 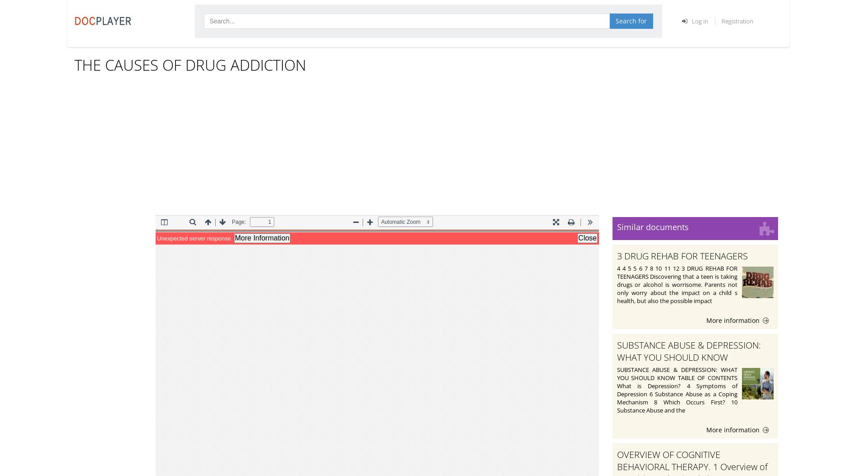 What do you see at coordinates (189, 64) in the screenshot?
I see `'THE CAUSES OF DRUG ADDICTION'` at bounding box center [189, 64].